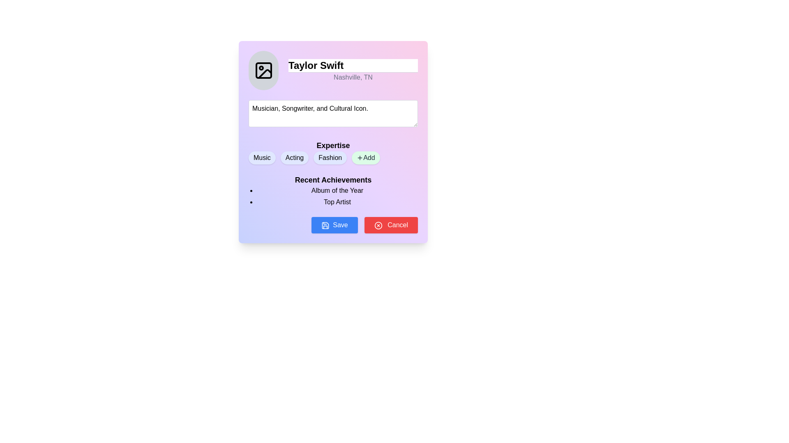 This screenshot has height=443, width=789. What do you see at coordinates (333, 152) in the screenshot?
I see `the 'Fashion' label, which is the third selectable item in the 'Expertise' section of the profile card, styled with a light indigo background and white text` at bounding box center [333, 152].